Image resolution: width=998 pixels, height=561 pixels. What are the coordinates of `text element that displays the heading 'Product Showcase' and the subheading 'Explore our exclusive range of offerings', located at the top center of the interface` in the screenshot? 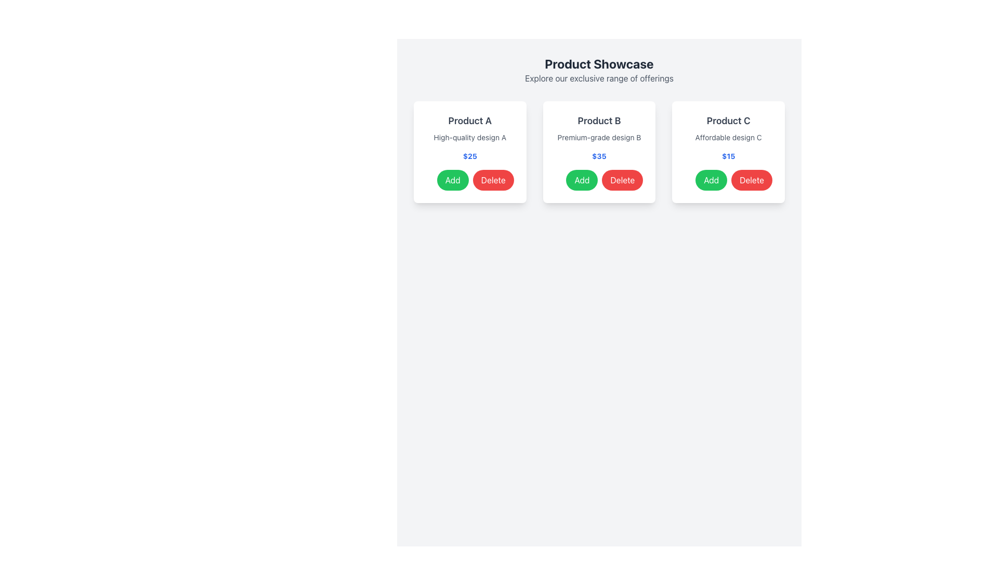 It's located at (599, 70).